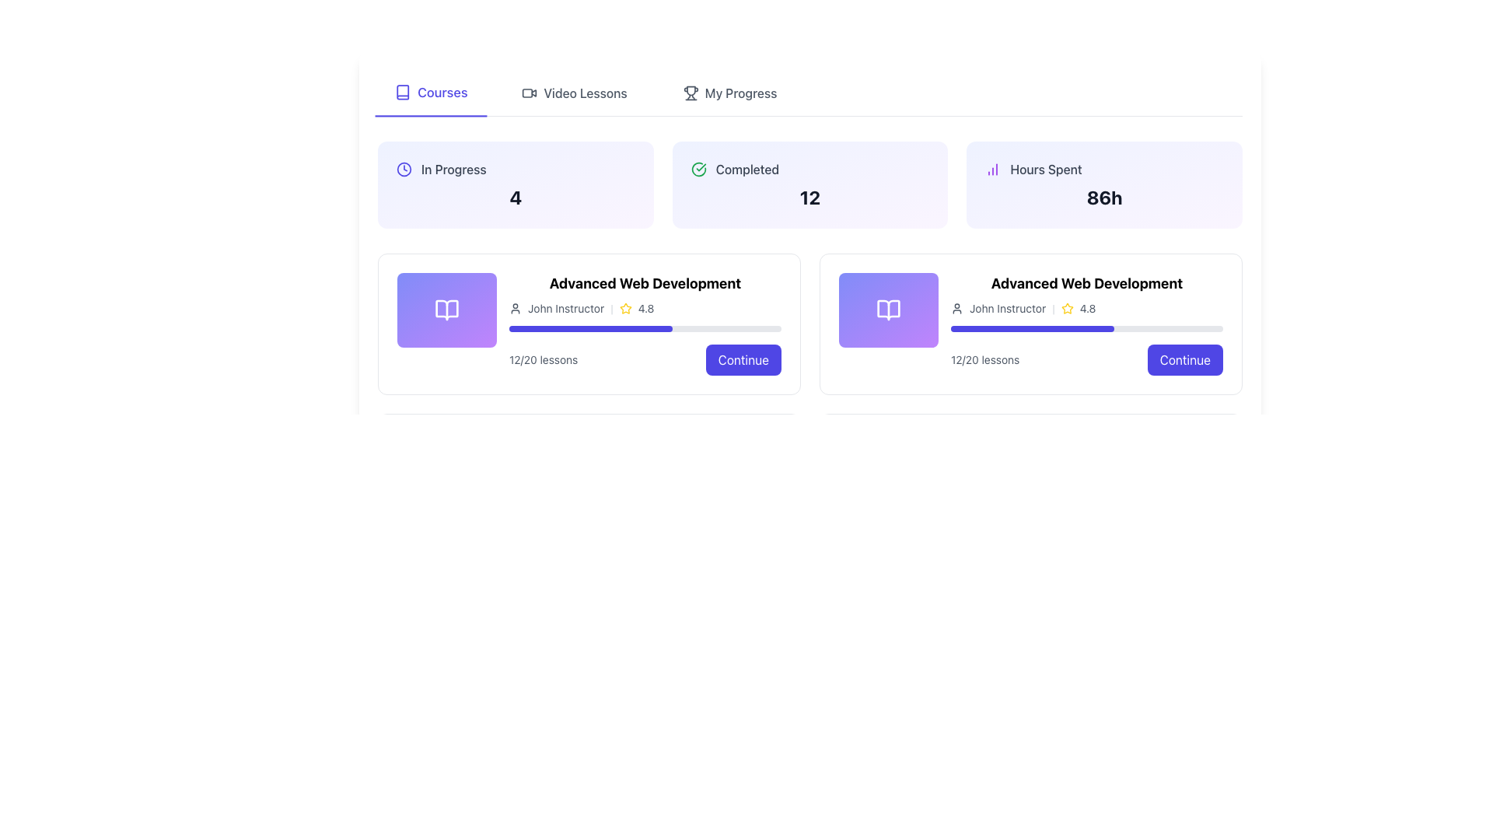  What do you see at coordinates (645, 328) in the screenshot?
I see `the linear progress bar that is indigo-colored with rounded ends, located beneath the 'John Instructor | 4.8' text and above the '12/20 lessons' text, which indicates progress at approximately 60%` at bounding box center [645, 328].